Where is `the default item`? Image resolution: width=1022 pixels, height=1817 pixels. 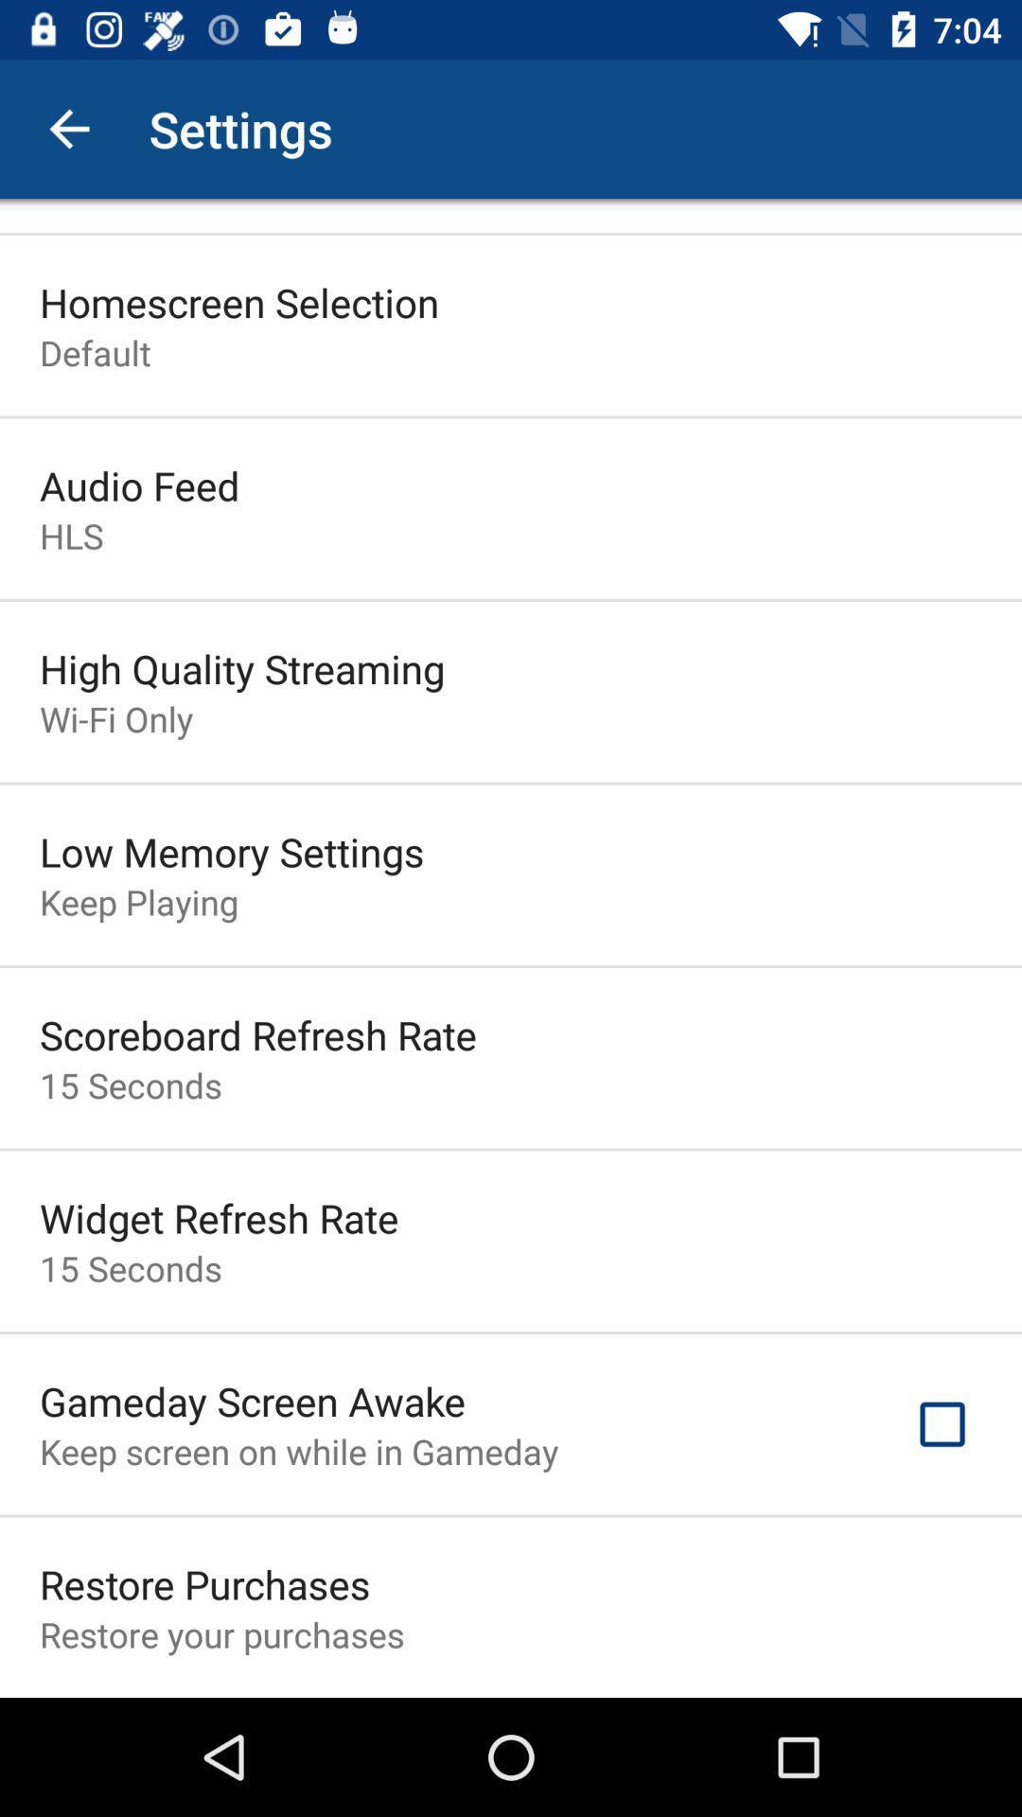
the default item is located at coordinates (95, 352).